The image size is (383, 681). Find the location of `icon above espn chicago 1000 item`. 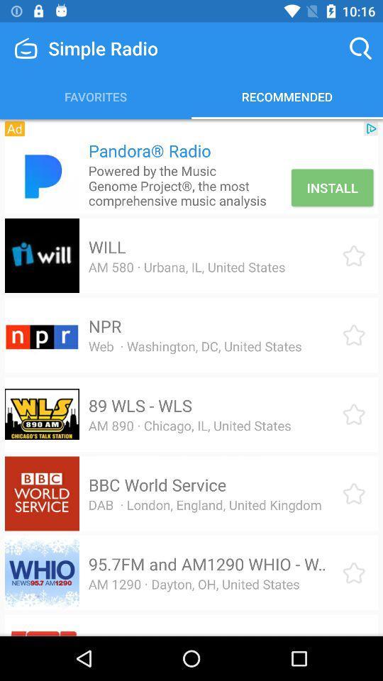

icon above espn chicago 1000 item is located at coordinates (193, 584).